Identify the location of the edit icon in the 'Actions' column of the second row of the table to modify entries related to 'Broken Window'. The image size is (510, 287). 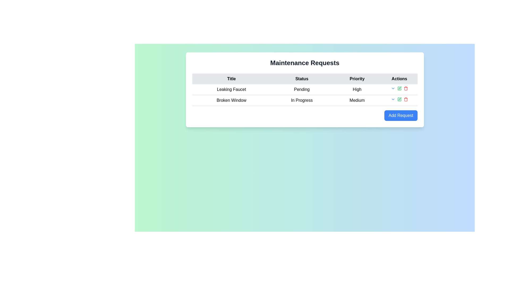
(400, 99).